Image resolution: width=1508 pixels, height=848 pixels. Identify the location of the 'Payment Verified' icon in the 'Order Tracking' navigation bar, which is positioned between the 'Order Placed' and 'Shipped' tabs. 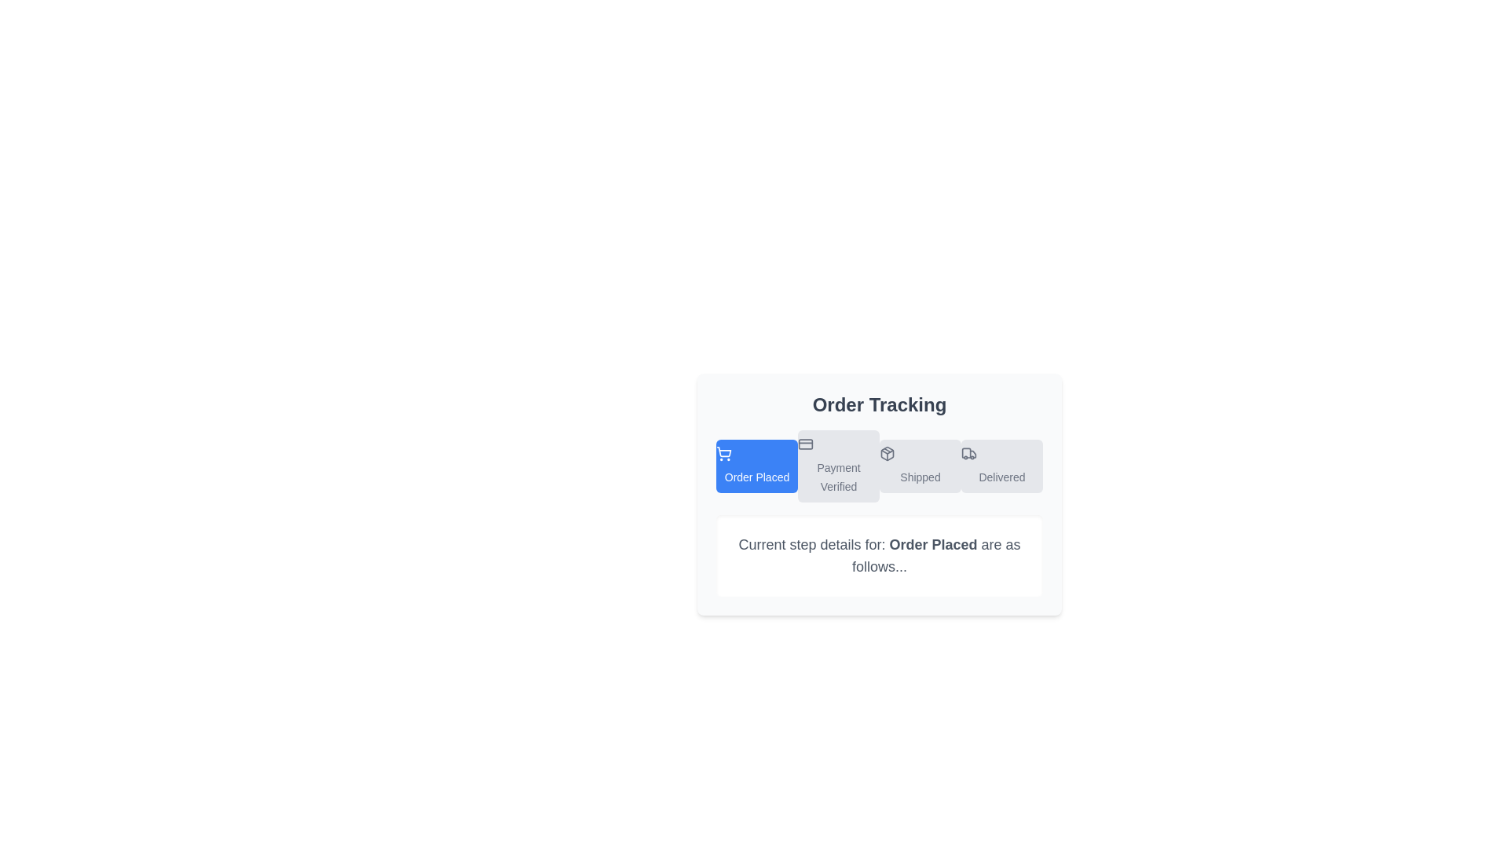
(806, 444).